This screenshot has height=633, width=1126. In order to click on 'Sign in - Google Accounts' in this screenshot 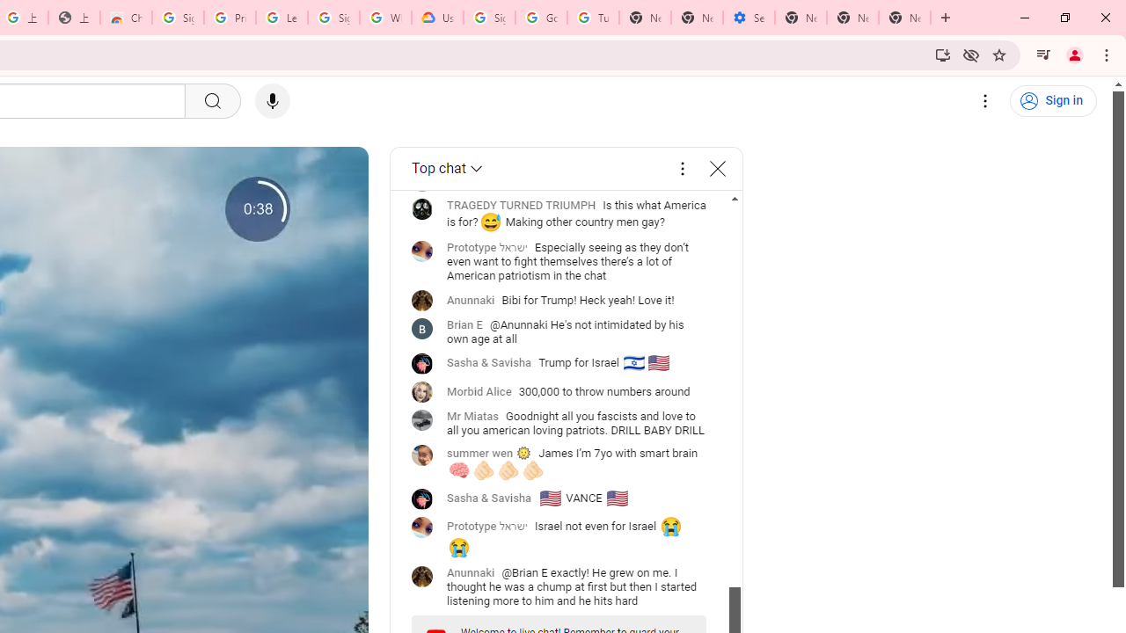, I will do `click(178, 18)`.